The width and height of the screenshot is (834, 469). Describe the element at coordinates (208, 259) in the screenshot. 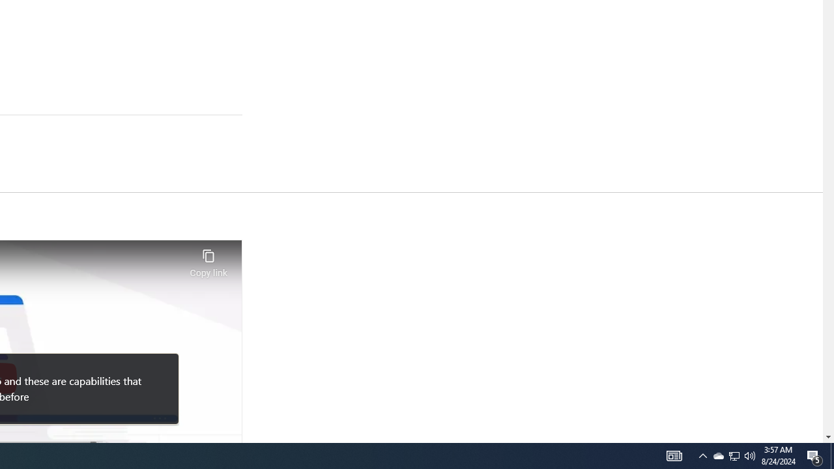

I see `'Copy link'` at that location.